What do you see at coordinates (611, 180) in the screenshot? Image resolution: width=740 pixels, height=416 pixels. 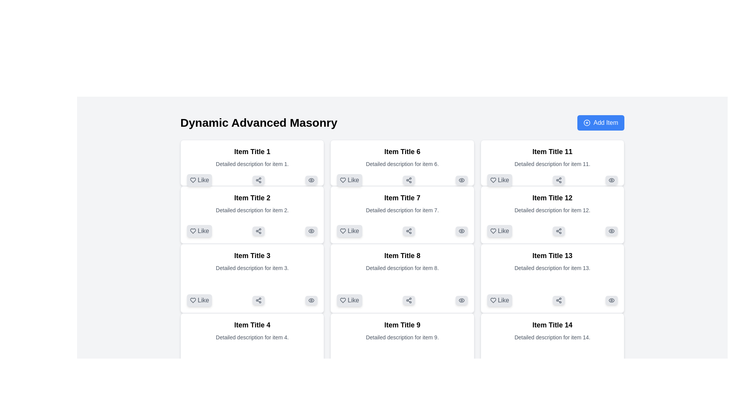 I see `the elliptical visibility icon located at the top-right corner of the 'Item Title 11' box, next to the heart and share icons` at bounding box center [611, 180].